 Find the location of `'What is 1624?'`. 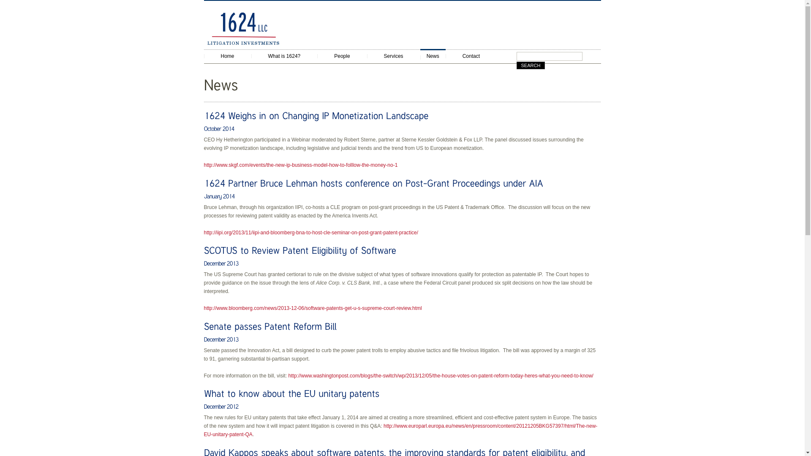

'What is 1624?' is located at coordinates (284, 56).